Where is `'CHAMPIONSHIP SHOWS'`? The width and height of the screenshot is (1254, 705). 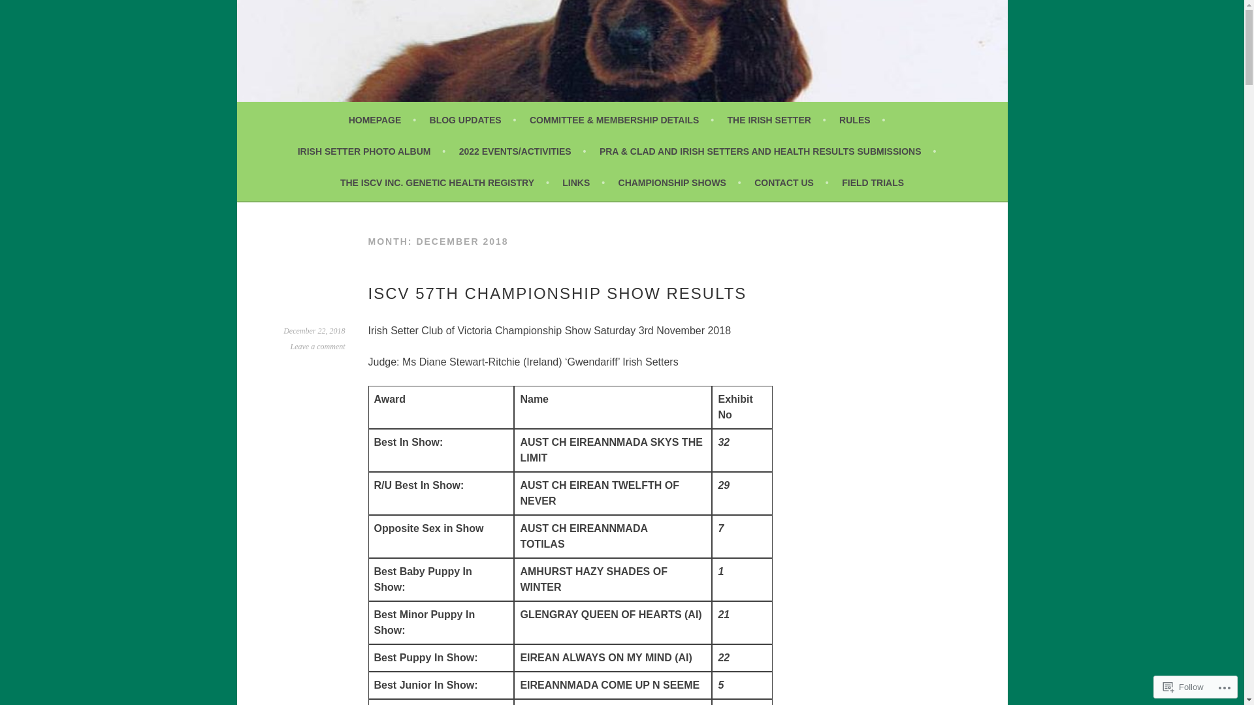 'CHAMPIONSHIP SHOWS' is located at coordinates (679, 183).